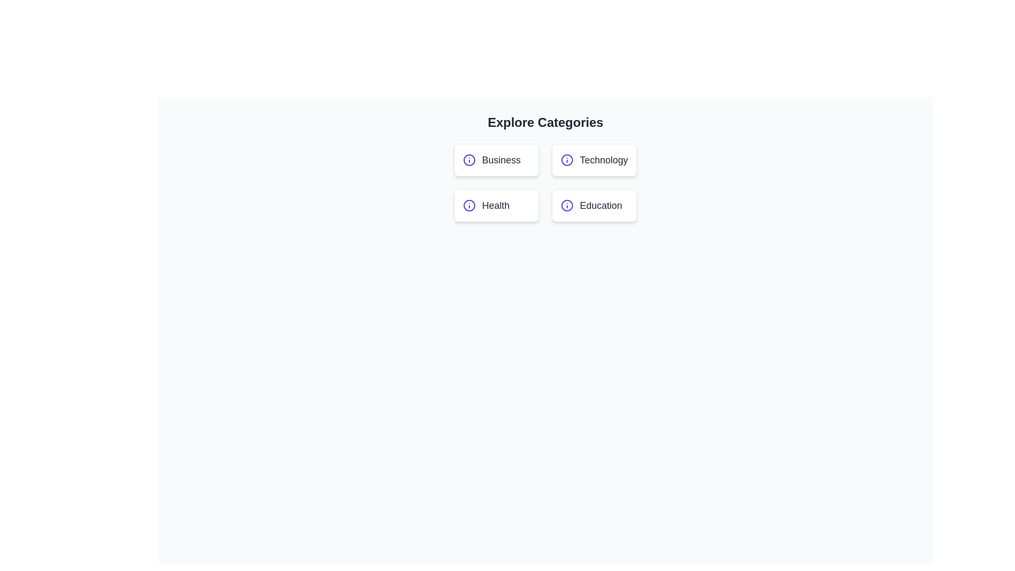 The width and height of the screenshot is (1015, 571). What do you see at coordinates (601, 206) in the screenshot?
I see `the text label displaying 'Education', which is styled in dark gray and located next to an indigo circular icon with an 'i'. This label is part of a bordered rectangular card in the lower right of a 2 by 2 grid under 'Explore Categories'` at bounding box center [601, 206].